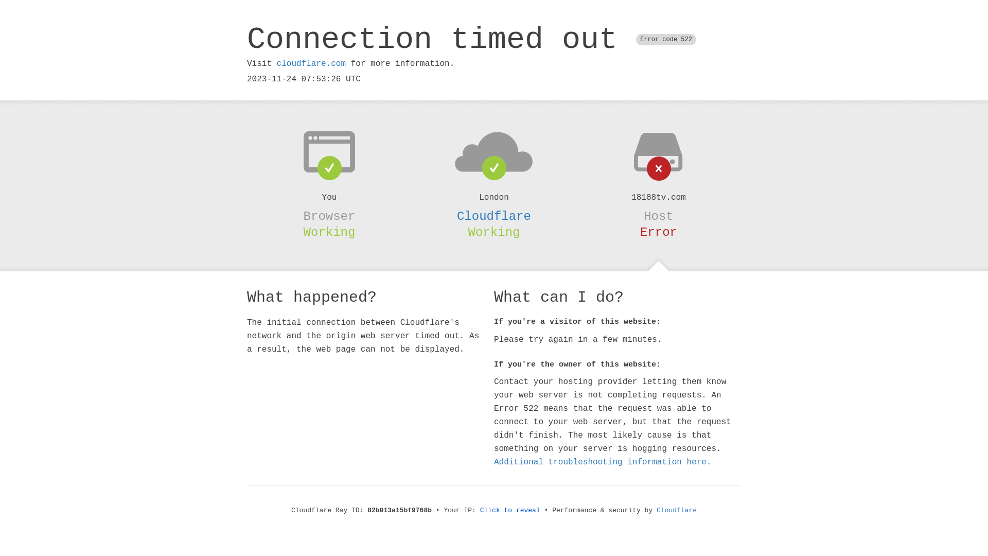 Image resolution: width=988 pixels, height=556 pixels. I want to click on 'Cloudflare', so click(494, 216).